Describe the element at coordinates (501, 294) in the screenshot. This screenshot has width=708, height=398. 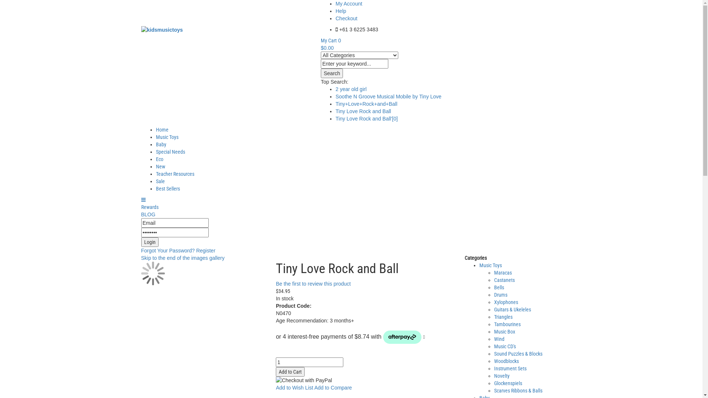
I see `'Drums'` at that location.